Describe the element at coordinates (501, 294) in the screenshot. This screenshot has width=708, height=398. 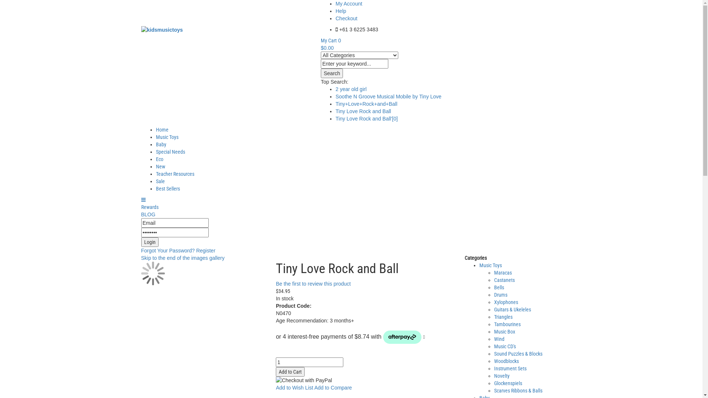
I see `'Drums'` at that location.